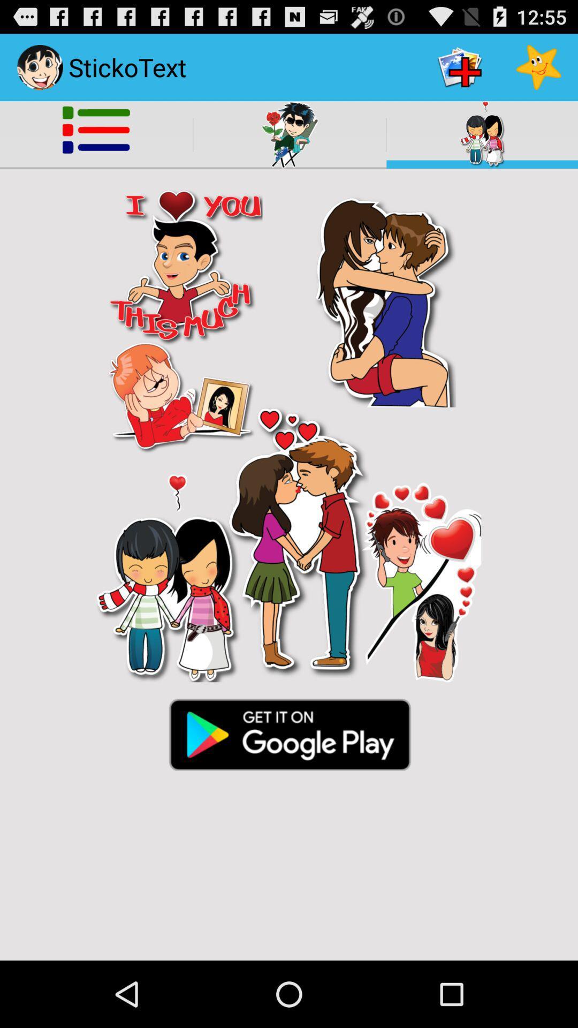  I want to click on open google play, so click(289, 733).